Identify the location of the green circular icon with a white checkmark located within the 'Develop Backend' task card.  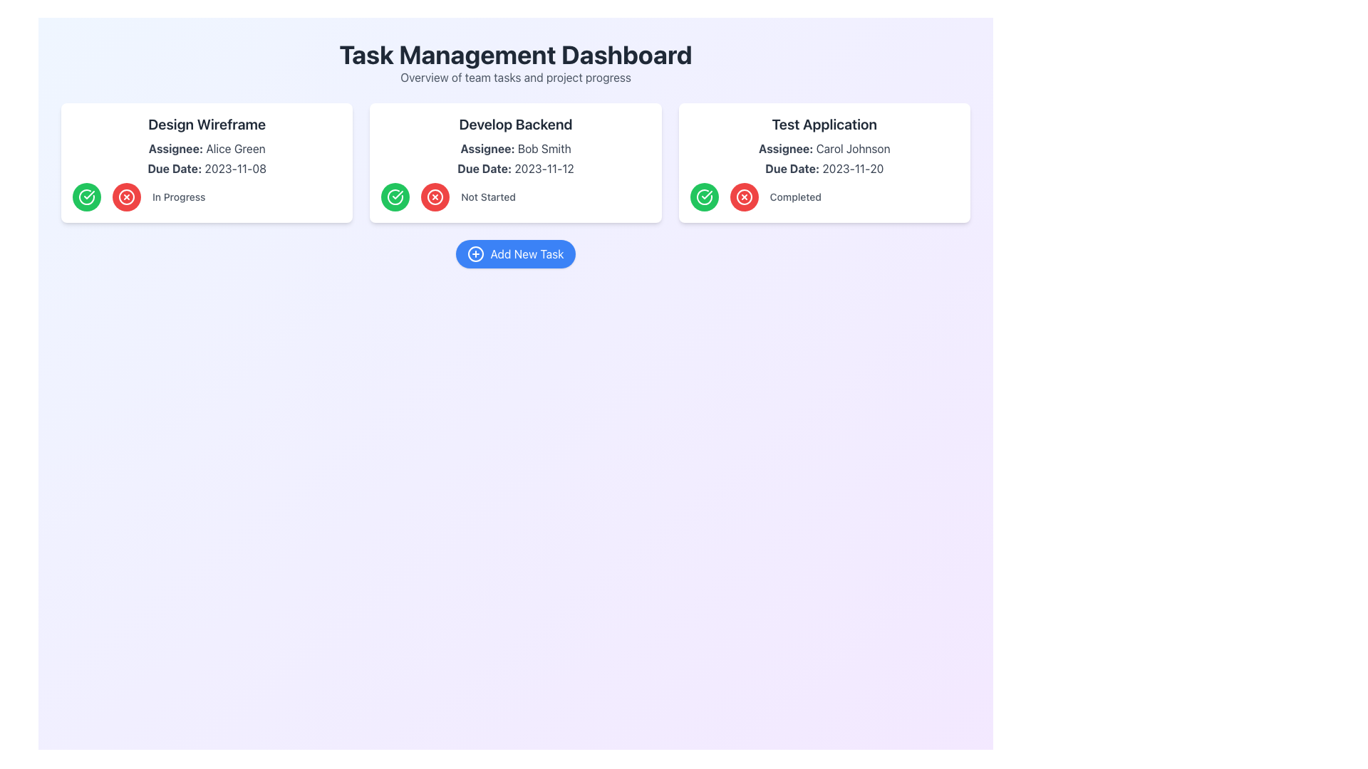
(395, 197).